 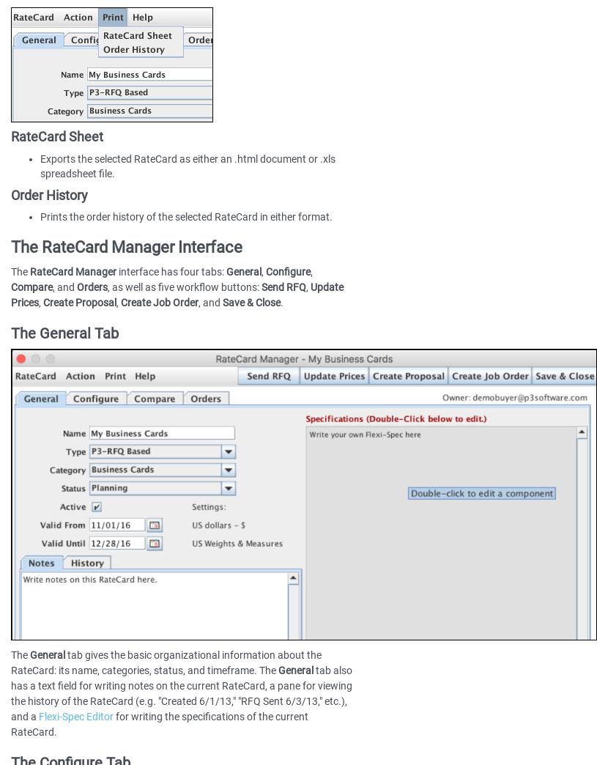 I want to click on 'Order History', so click(x=48, y=193).